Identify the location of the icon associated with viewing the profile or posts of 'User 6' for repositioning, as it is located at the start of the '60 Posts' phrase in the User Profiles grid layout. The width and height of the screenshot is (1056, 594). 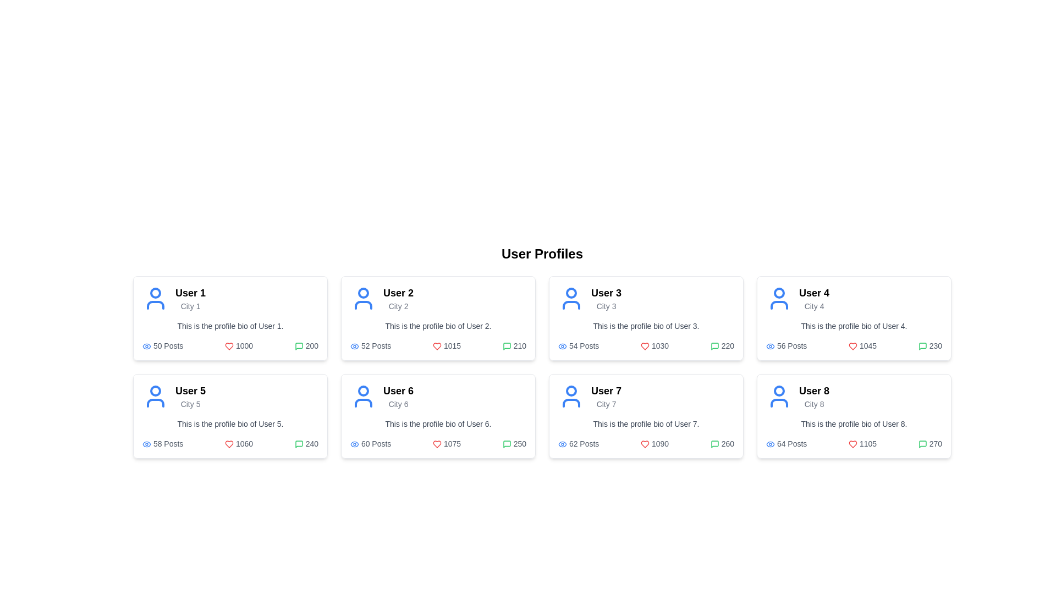
(354, 443).